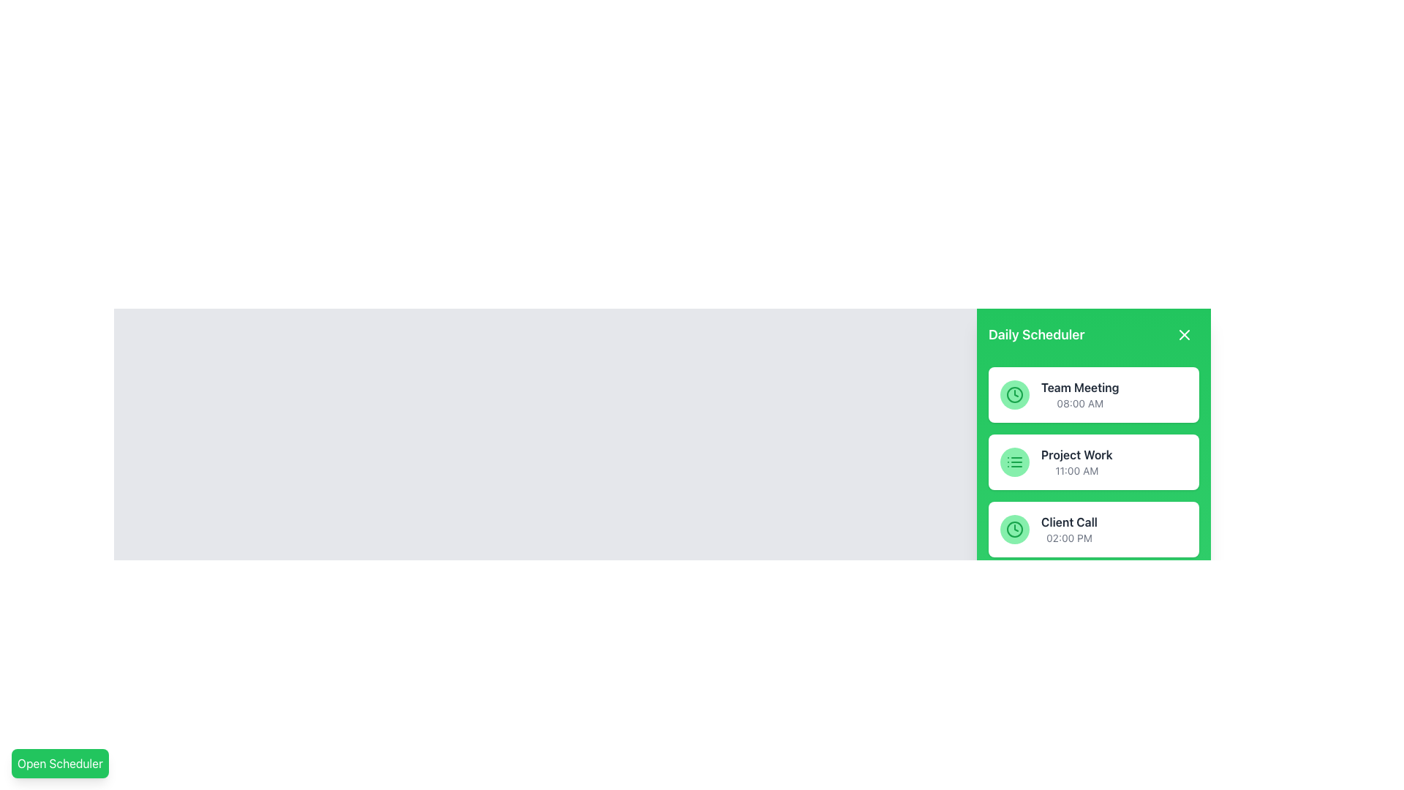 This screenshot has height=790, width=1404. What do you see at coordinates (1185, 335) in the screenshot?
I see `the circular green button with a white 'X' icon located on the right side of the 'Daily Scheduler' header section` at bounding box center [1185, 335].